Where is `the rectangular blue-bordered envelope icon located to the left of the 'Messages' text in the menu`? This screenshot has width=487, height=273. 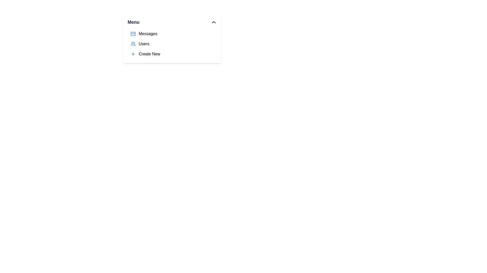 the rectangular blue-bordered envelope icon located to the left of the 'Messages' text in the menu is located at coordinates (133, 34).